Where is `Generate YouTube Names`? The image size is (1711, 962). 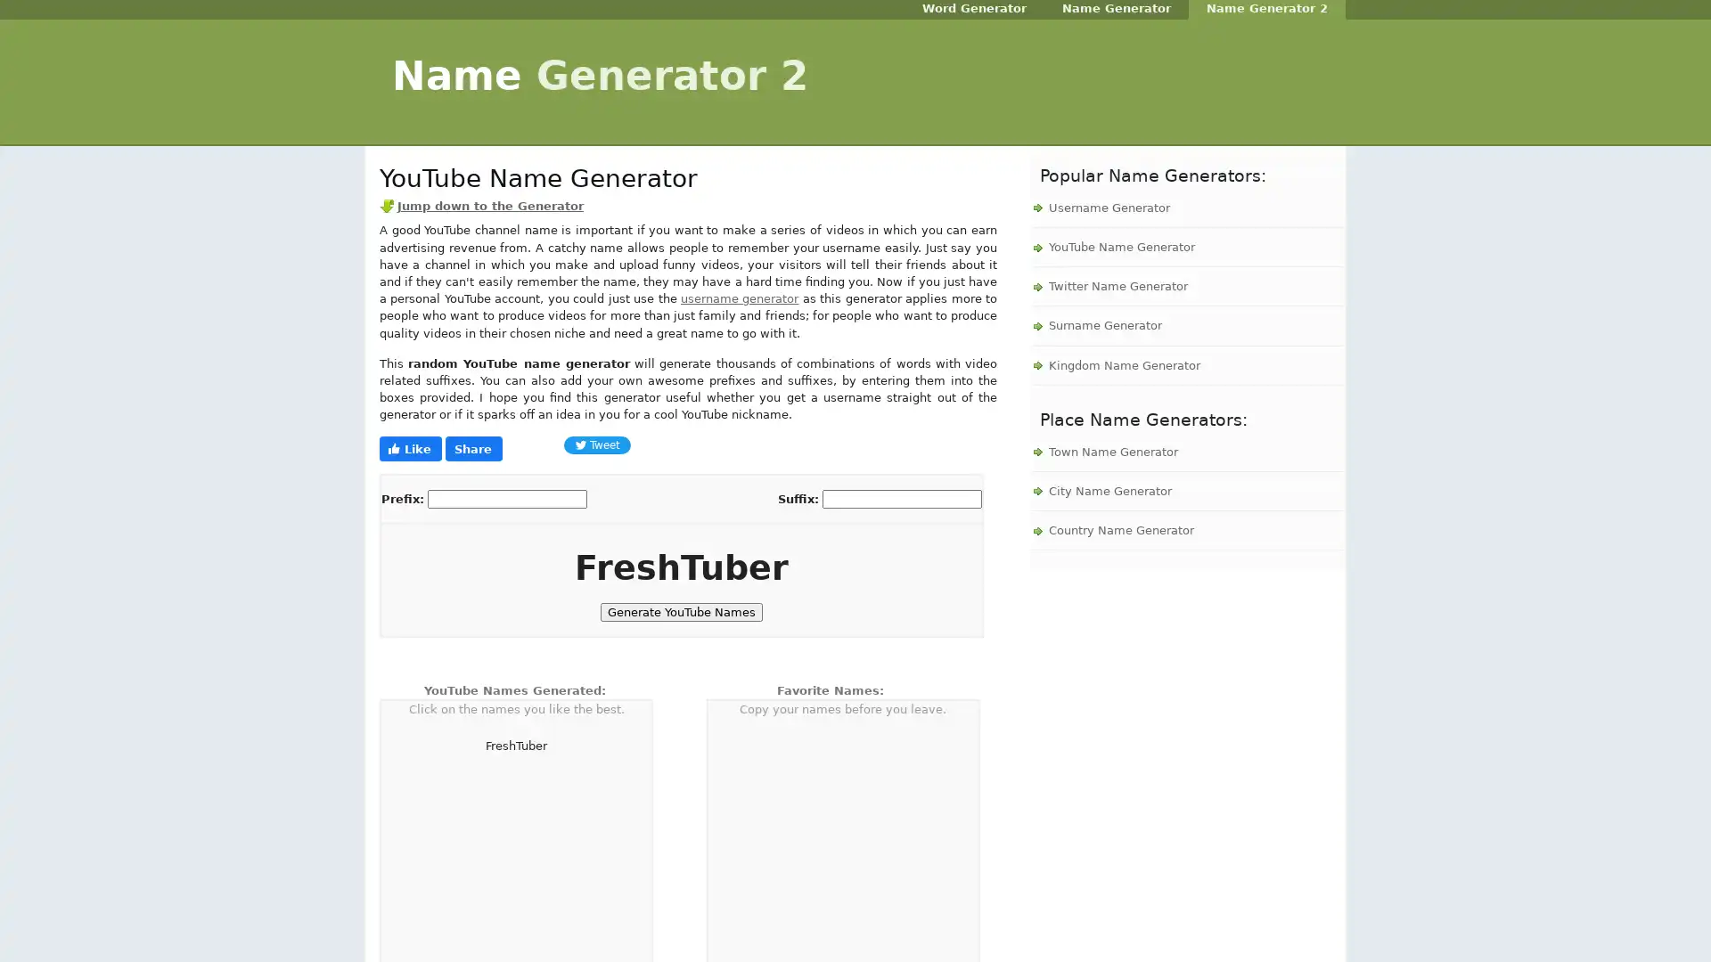
Generate YouTube Names is located at coordinates (680, 611).